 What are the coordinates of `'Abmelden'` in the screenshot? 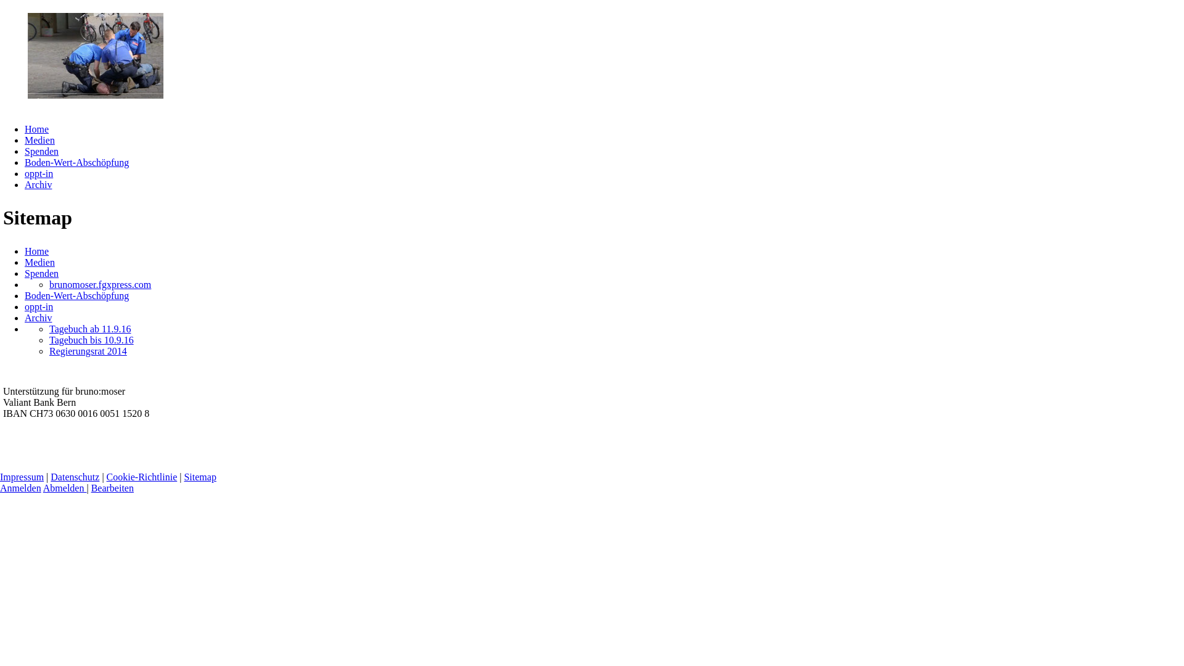 It's located at (43, 487).